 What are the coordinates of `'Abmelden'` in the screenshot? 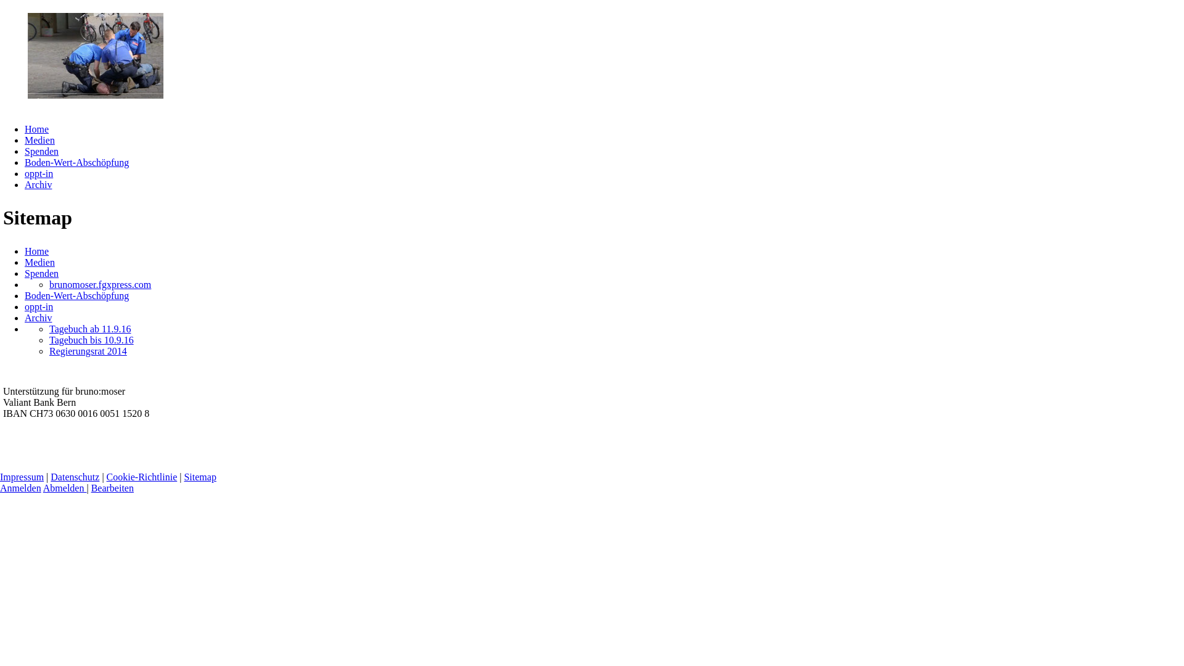 It's located at (43, 487).